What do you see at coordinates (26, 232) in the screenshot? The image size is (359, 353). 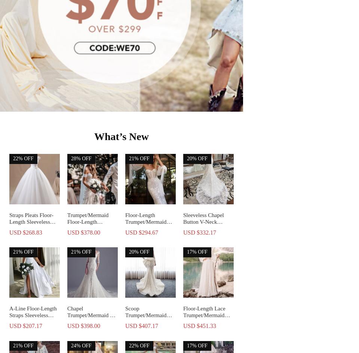 I see `'USD $268.83'` at bounding box center [26, 232].